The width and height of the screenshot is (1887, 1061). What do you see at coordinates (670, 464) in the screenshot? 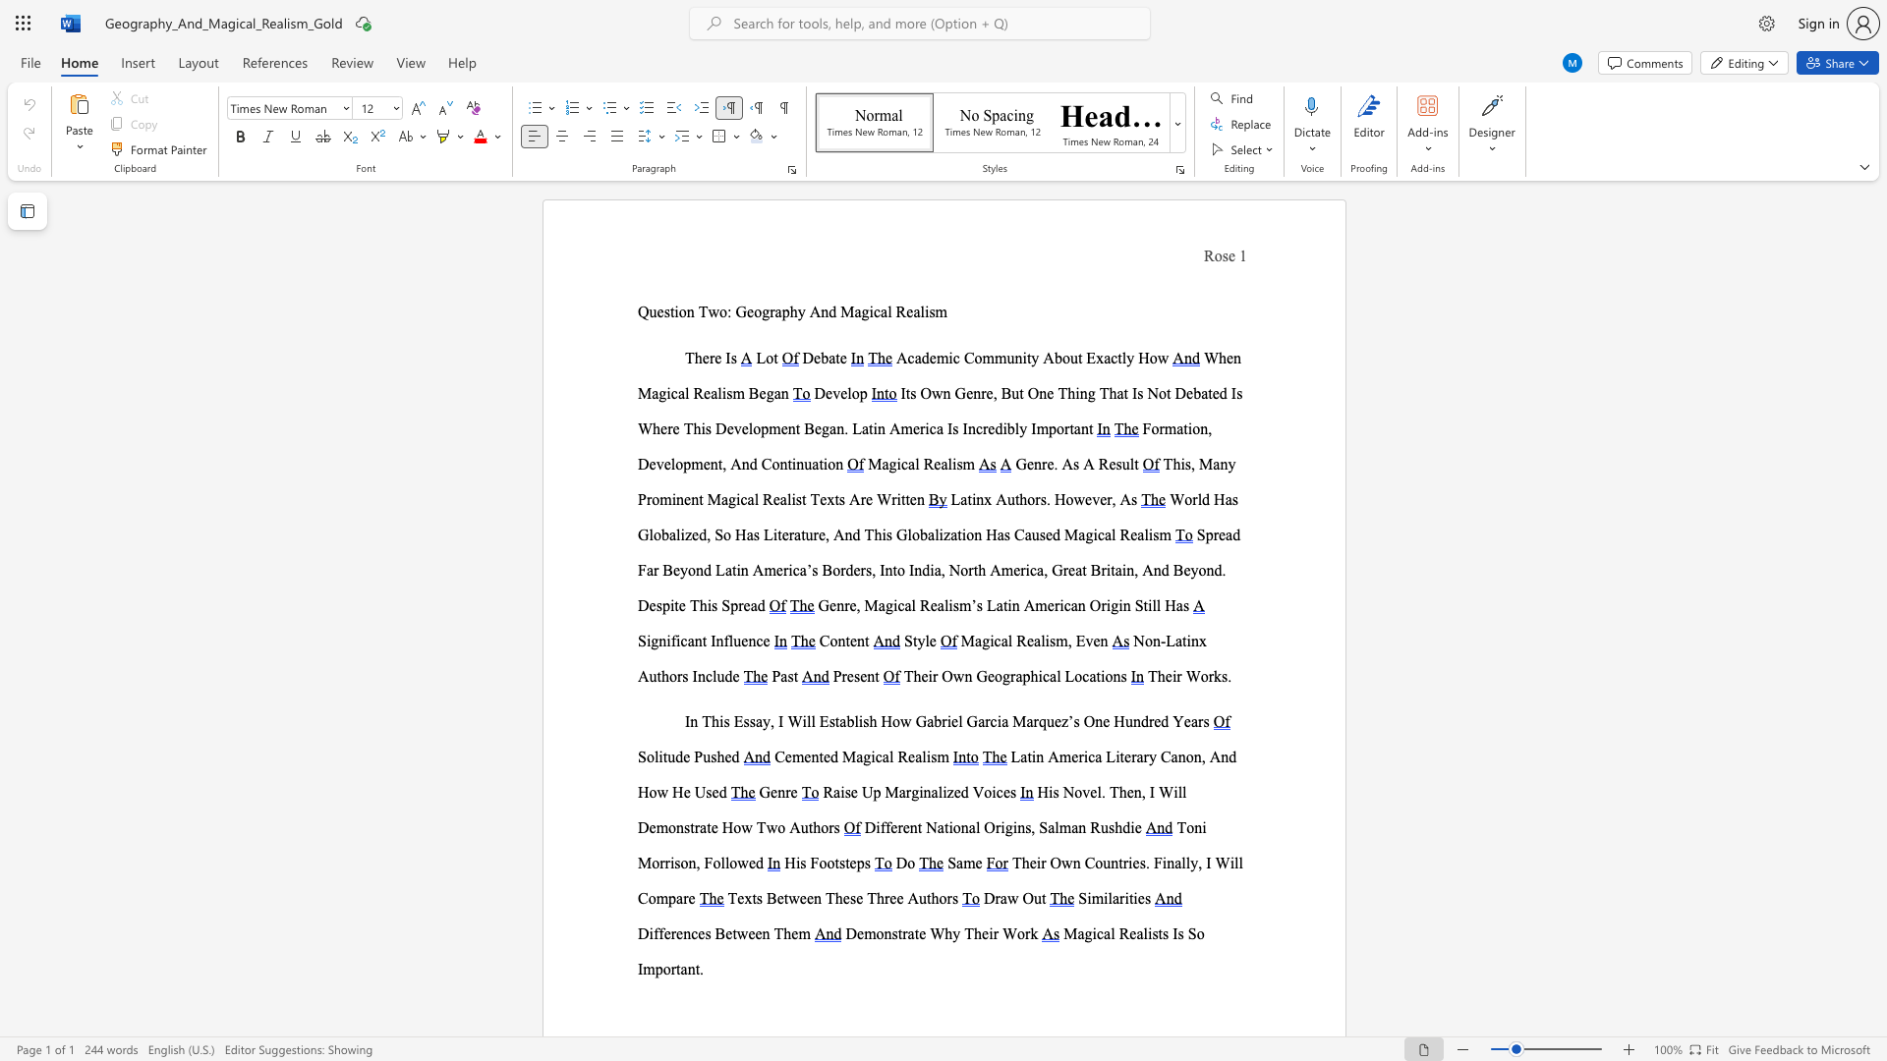
I see `the subset text "lop" within the text "Formation, Development, And Continuation"` at bounding box center [670, 464].